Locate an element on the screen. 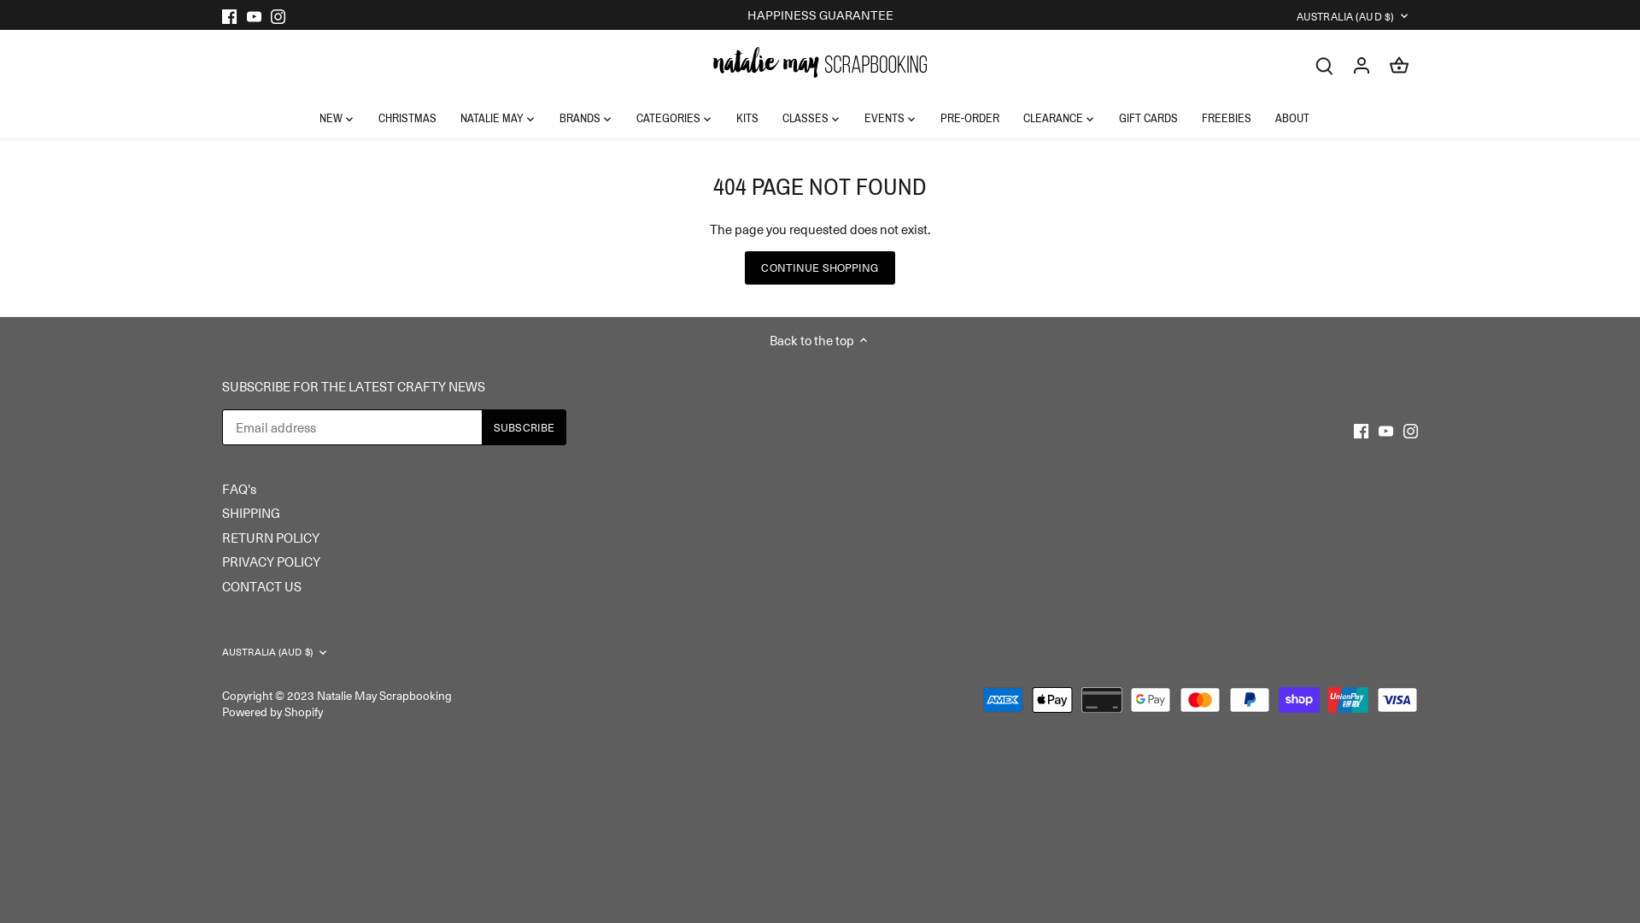  'NATALIE MAY' is located at coordinates (490, 117).